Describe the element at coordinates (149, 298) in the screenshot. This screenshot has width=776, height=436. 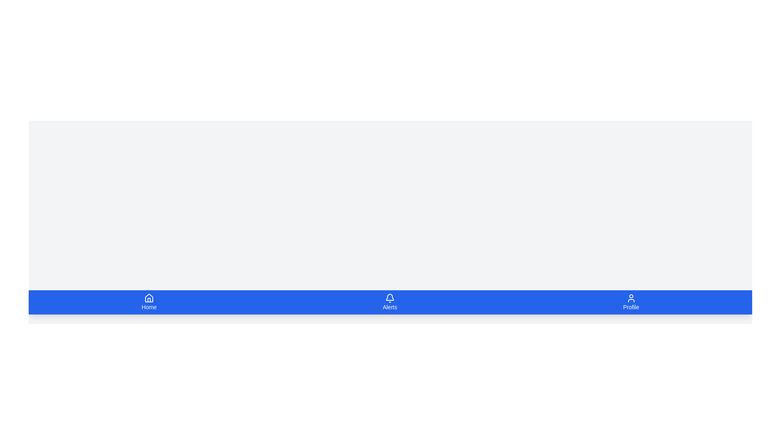
I see `the 'Home' icon located` at that location.